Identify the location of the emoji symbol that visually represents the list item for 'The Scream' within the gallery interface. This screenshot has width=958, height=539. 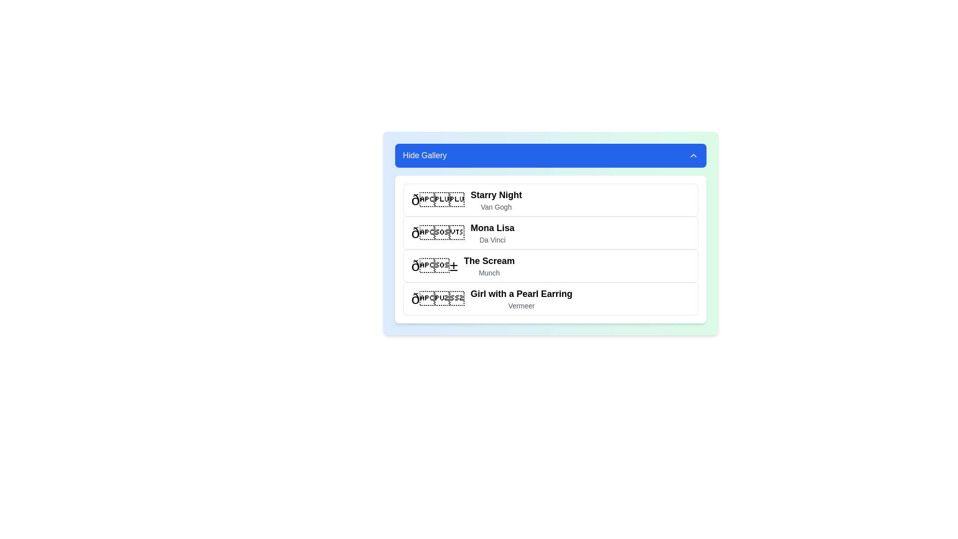
(435, 265).